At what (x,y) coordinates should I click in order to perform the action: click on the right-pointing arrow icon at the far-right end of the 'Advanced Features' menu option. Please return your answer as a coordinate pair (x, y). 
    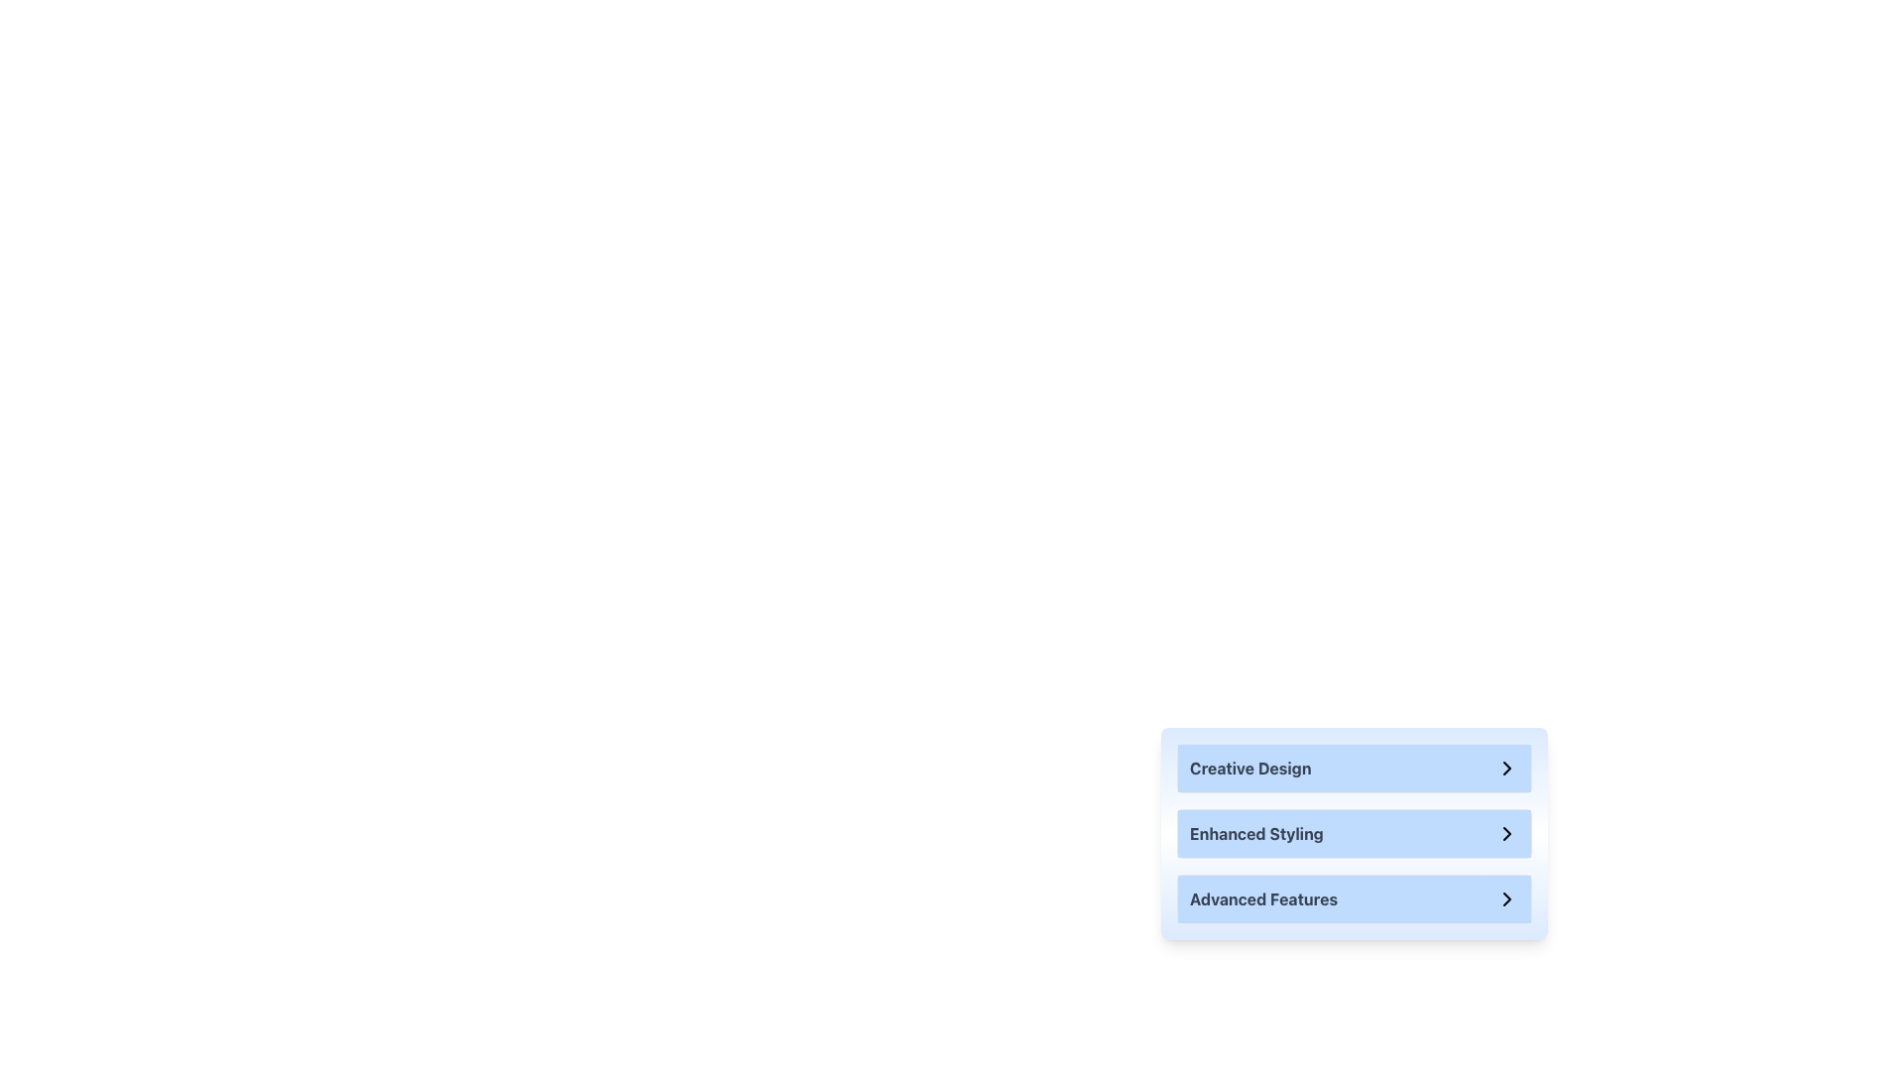
    Looking at the image, I should click on (1507, 898).